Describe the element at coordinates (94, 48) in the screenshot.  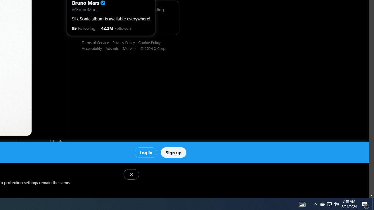
I see `'Accessibility'` at that location.